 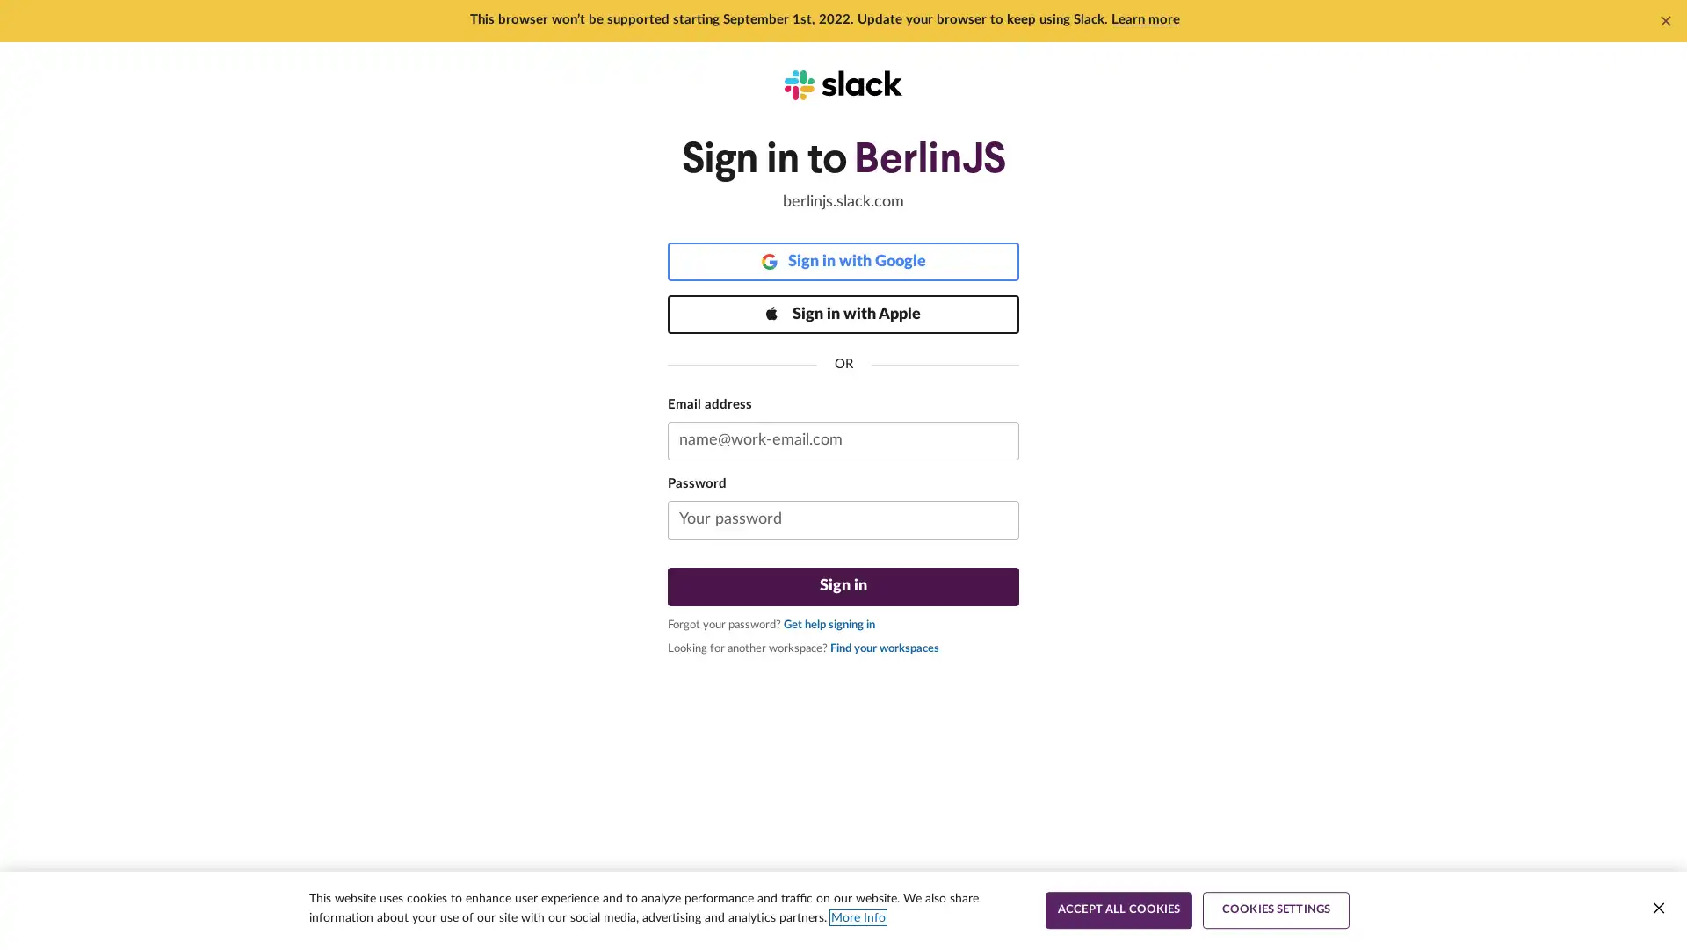 What do you see at coordinates (1657, 908) in the screenshot?
I see `Close` at bounding box center [1657, 908].